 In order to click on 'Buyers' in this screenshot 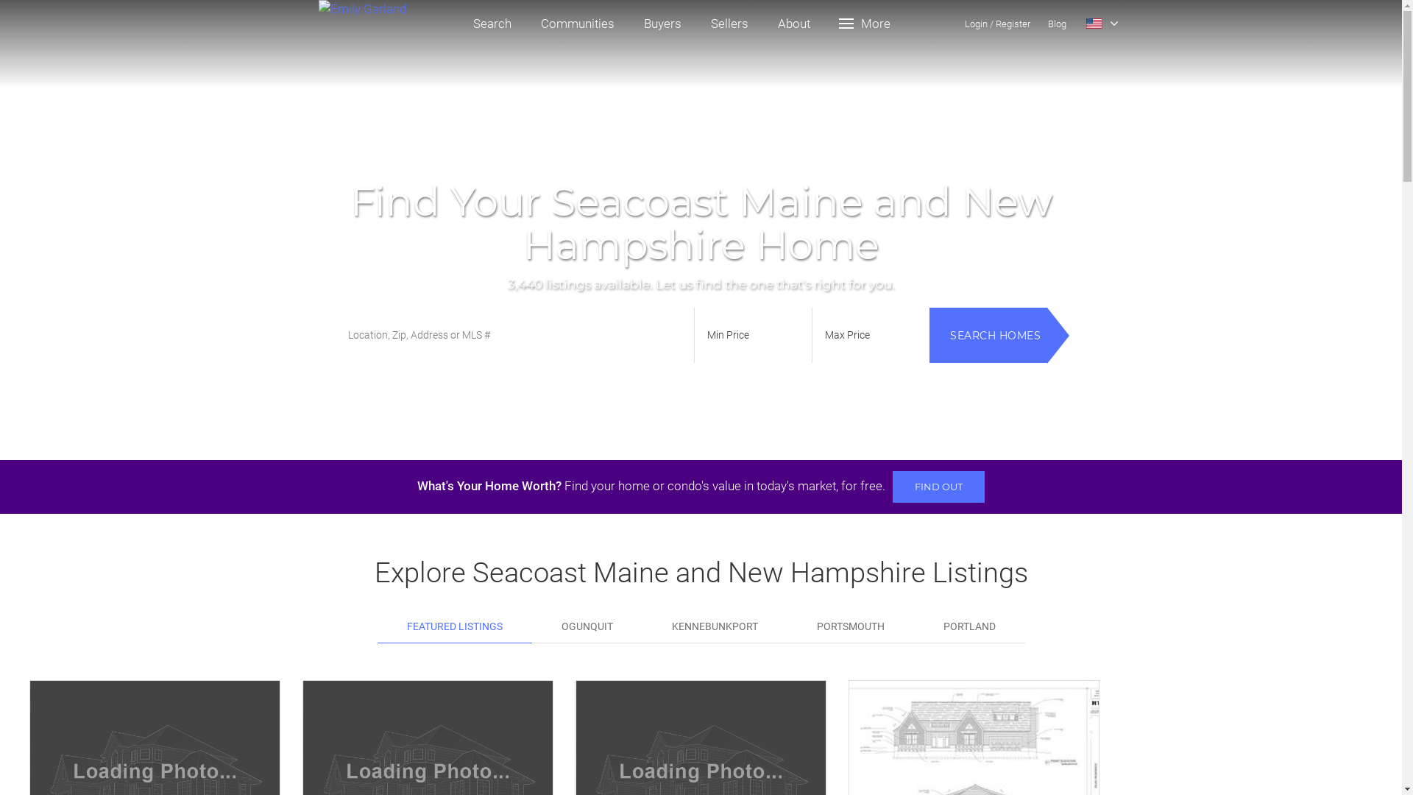, I will do `click(661, 24)`.